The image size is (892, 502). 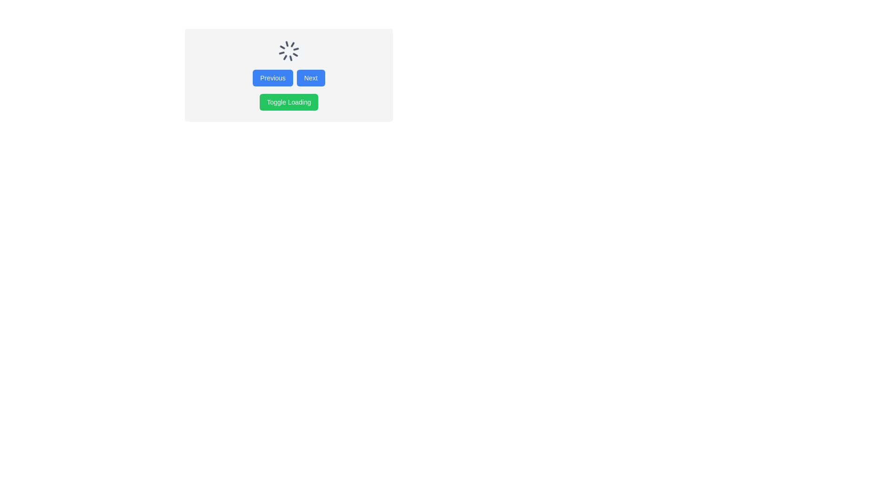 I want to click on the blue button with rounded corners and white text labeled 'Previous', so click(x=272, y=78).